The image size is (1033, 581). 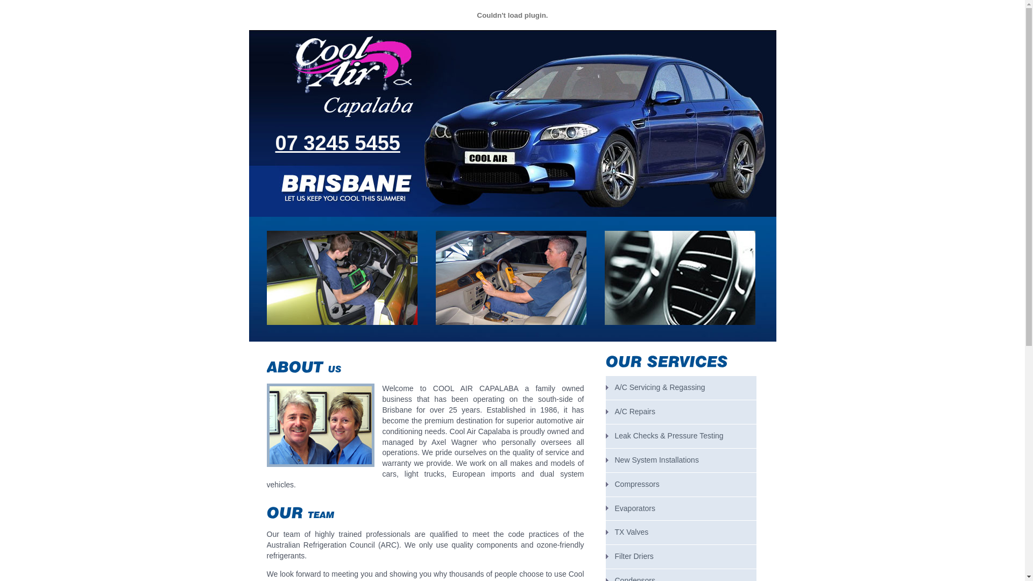 I want to click on 'Compressors', so click(x=681, y=485).